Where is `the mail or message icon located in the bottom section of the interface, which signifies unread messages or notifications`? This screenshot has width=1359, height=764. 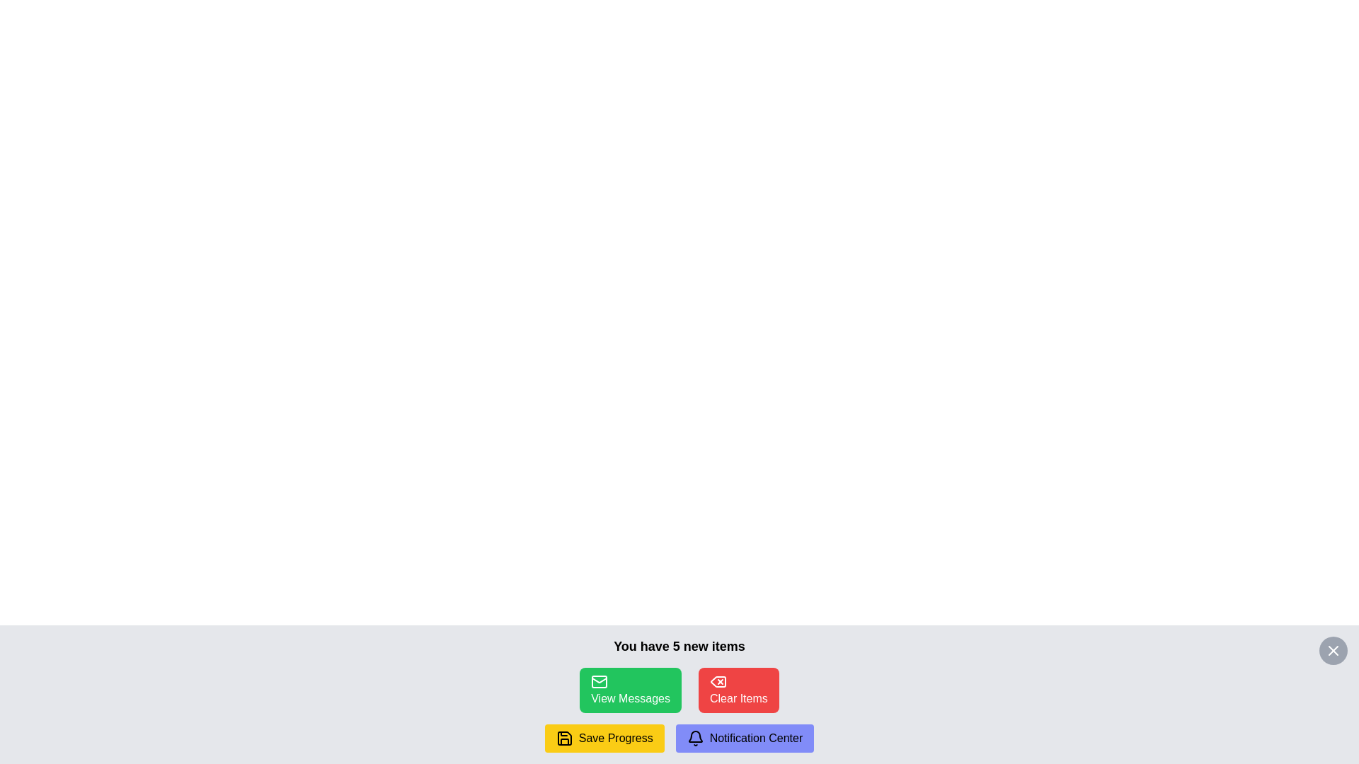
the mail or message icon located in the bottom section of the interface, which signifies unread messages or notifications is located at coordinates (600, 681).